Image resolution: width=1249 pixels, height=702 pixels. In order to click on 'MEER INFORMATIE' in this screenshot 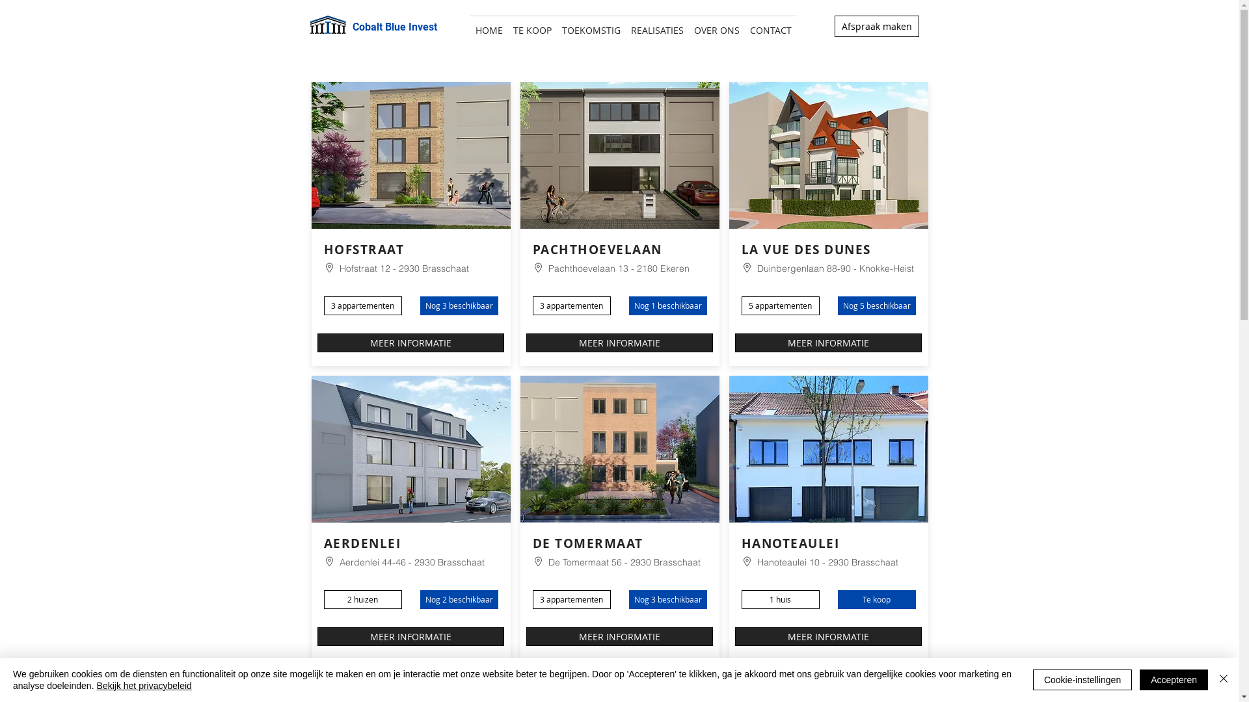, I will do `click(827, 342)`.